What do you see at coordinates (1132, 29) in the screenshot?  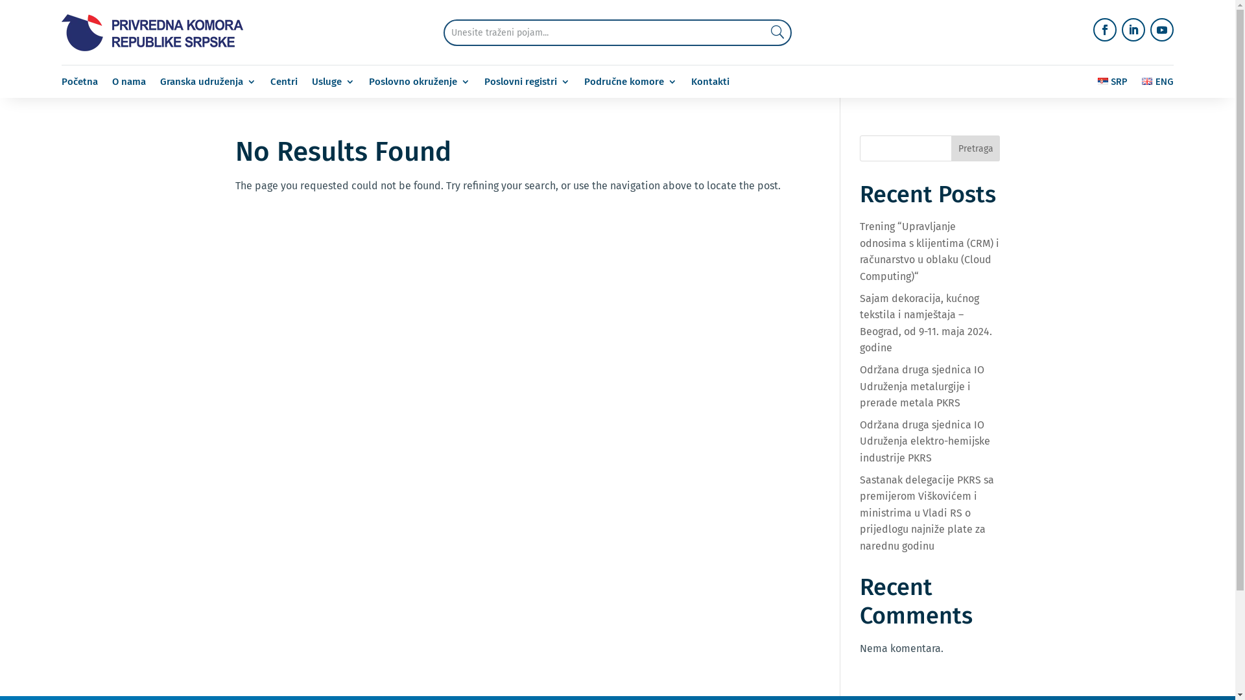 I see `'Follow on LinkedIn'` at bounding box center [1132, 29].